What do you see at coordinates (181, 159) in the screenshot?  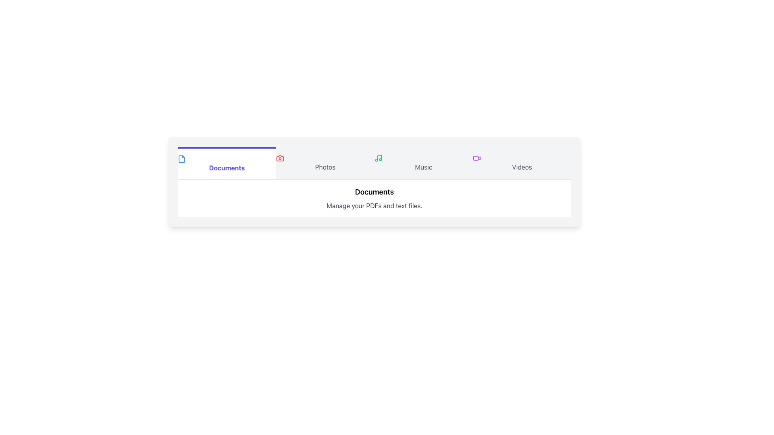 I see `the file document icon located in the navigation bar under the 'Documents' tab, positioned on the leftmost side` at bounding box center [181, 159].